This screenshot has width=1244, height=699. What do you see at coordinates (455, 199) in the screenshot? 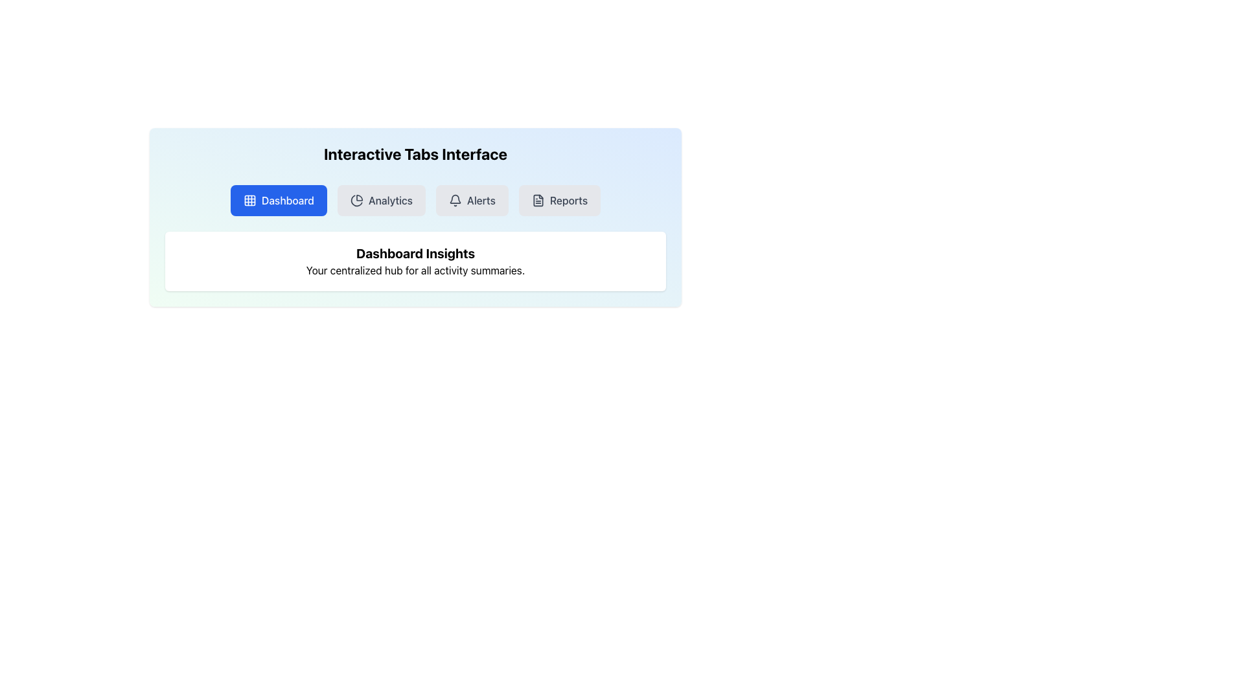
I see `the functionality of the bell icon representing alerts or notifications in the Alerts section of the navigation bar` at bounding box center [455, 199].